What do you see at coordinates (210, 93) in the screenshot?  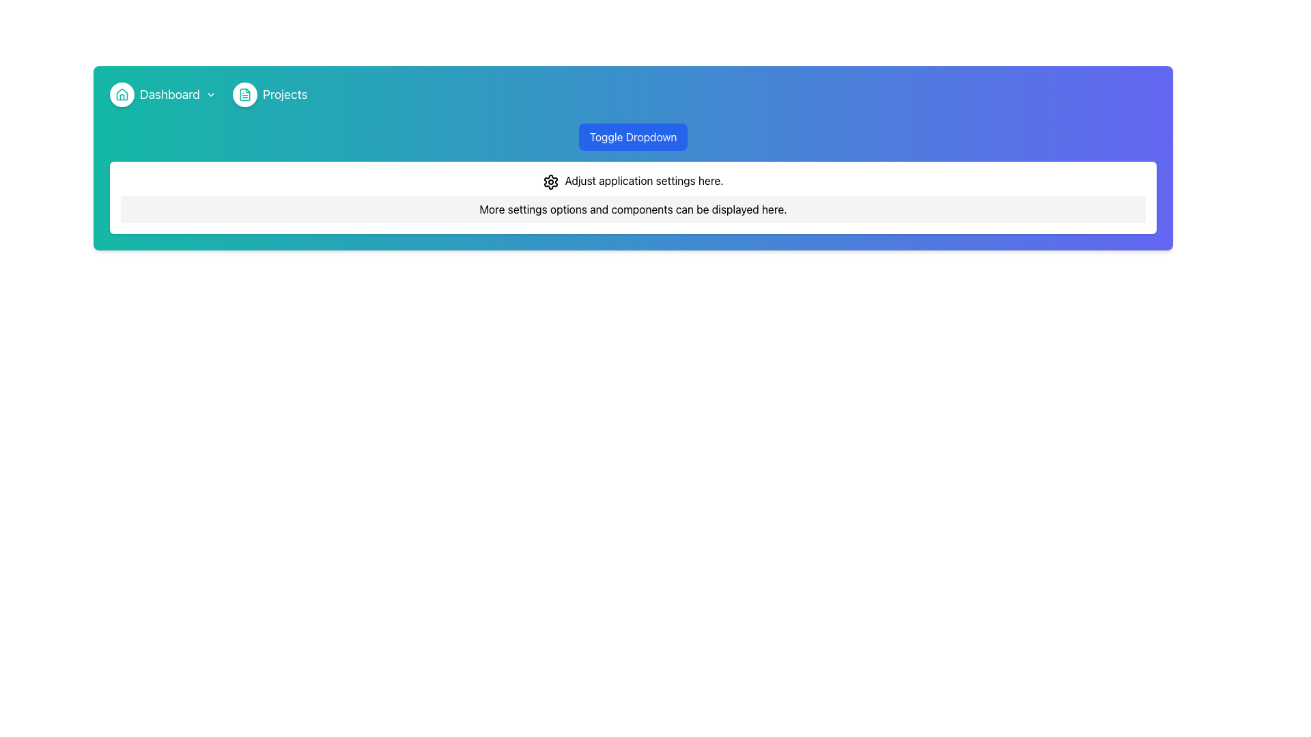 I see `the expandable content icon located to the right of the 'Dashboard' text` at bounding box center [210, 93].